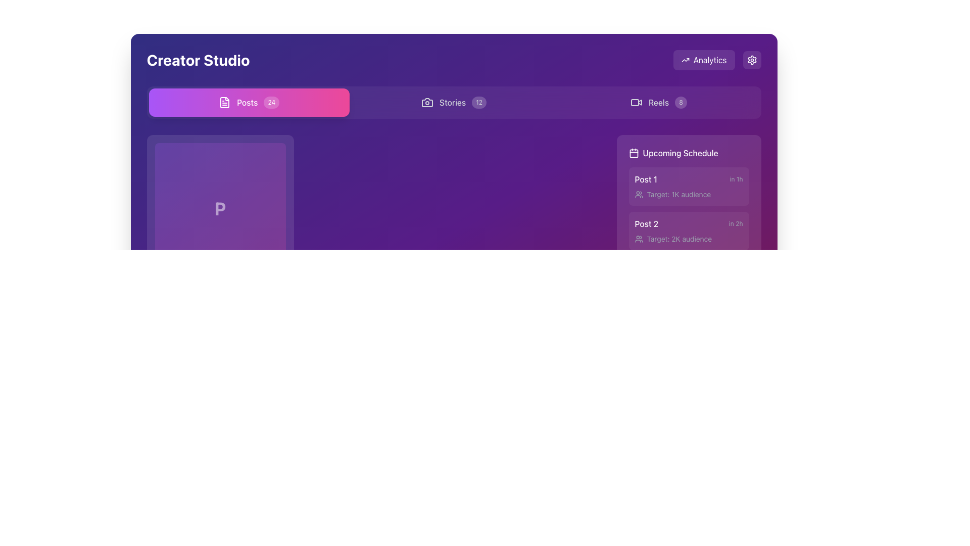  What do you see at coordinates (453, 103) in the screenshot?
I see `the 'Stories' button in the navigation bar located below the 'Creator Studio' header` at bounding box center [453, 103].